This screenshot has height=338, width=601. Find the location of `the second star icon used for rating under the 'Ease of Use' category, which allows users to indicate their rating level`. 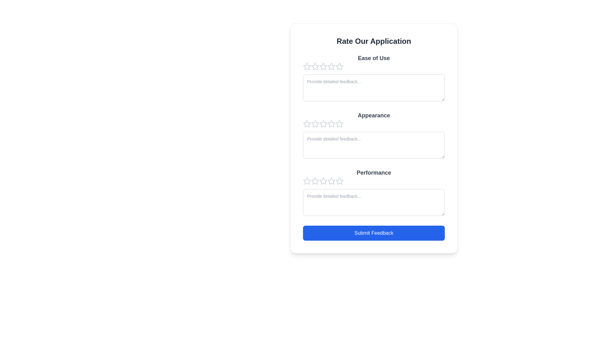

the second star icon used for rating under the 'Ease of Use' category, which allows users to indicate their rating level is located at coordinates (323, 66).